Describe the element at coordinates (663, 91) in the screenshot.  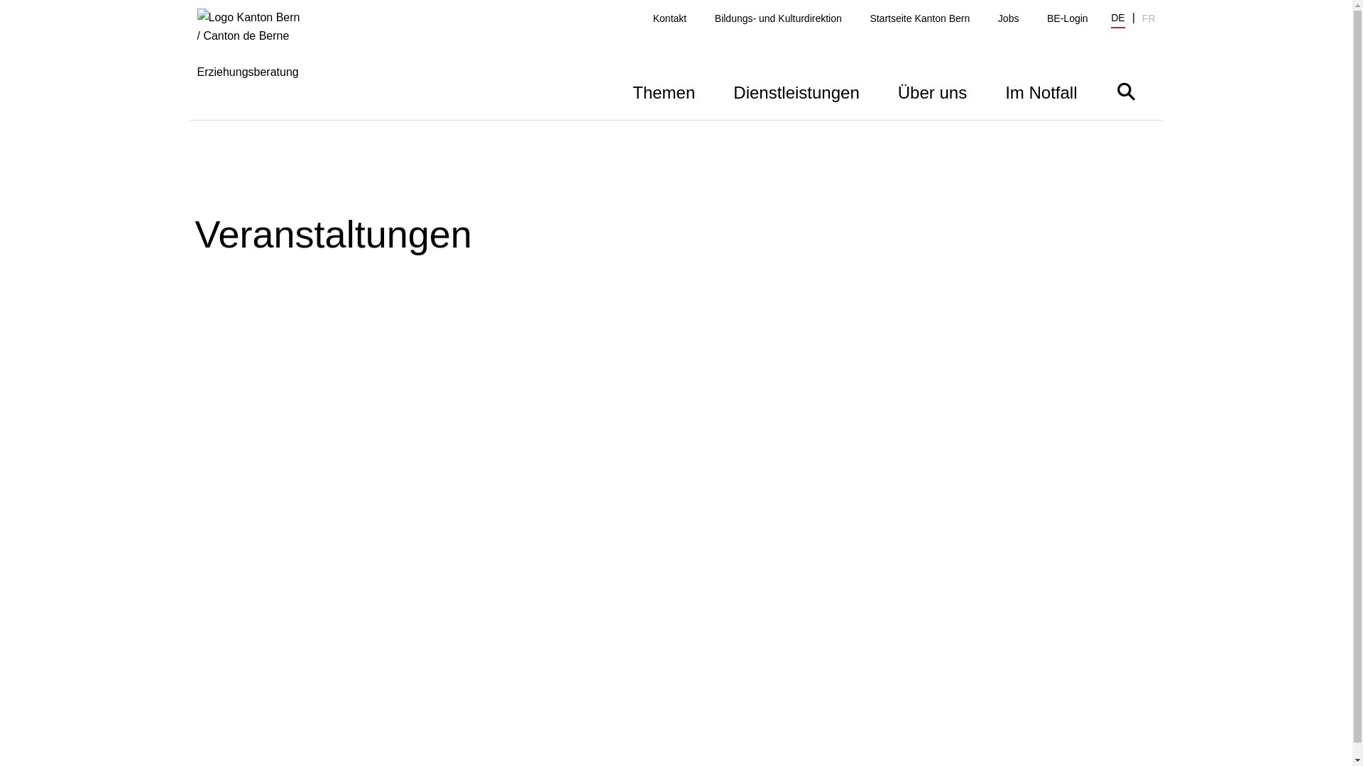
I see `'Themen'` at that location.